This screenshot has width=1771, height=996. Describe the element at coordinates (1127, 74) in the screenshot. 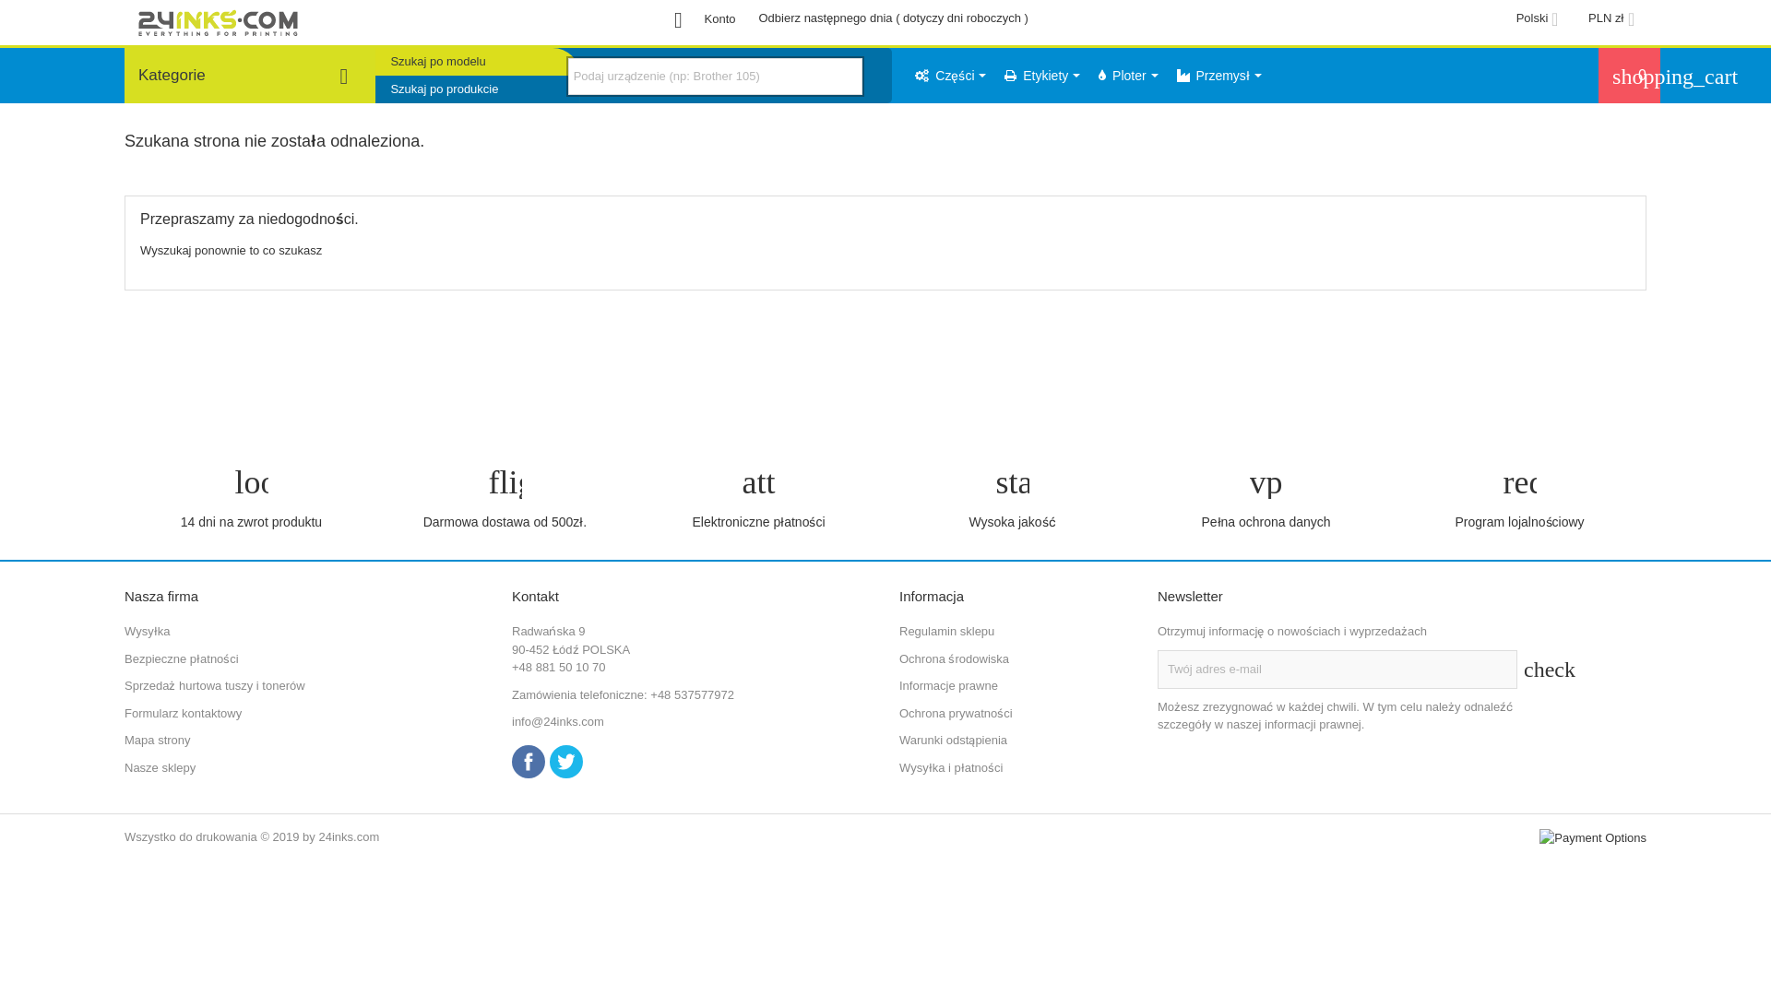

I see `'Ploter'` at that location.